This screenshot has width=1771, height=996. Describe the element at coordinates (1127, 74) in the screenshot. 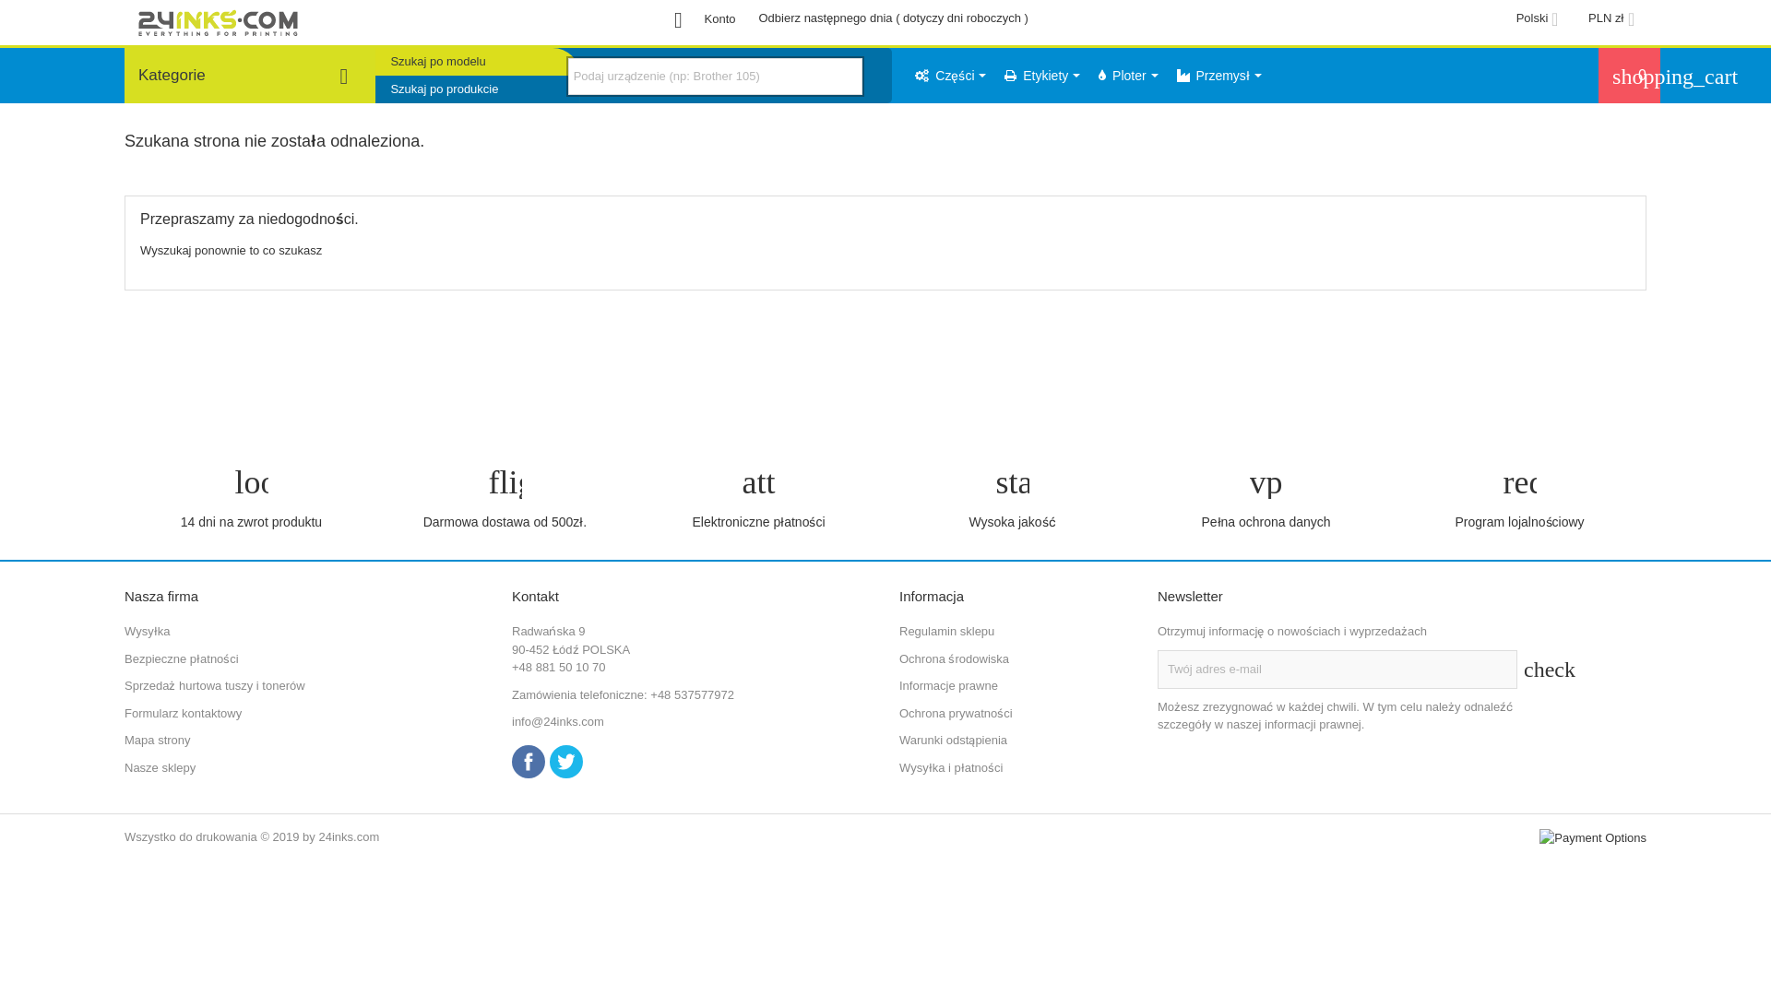

I see `'Ploter'` at that location.